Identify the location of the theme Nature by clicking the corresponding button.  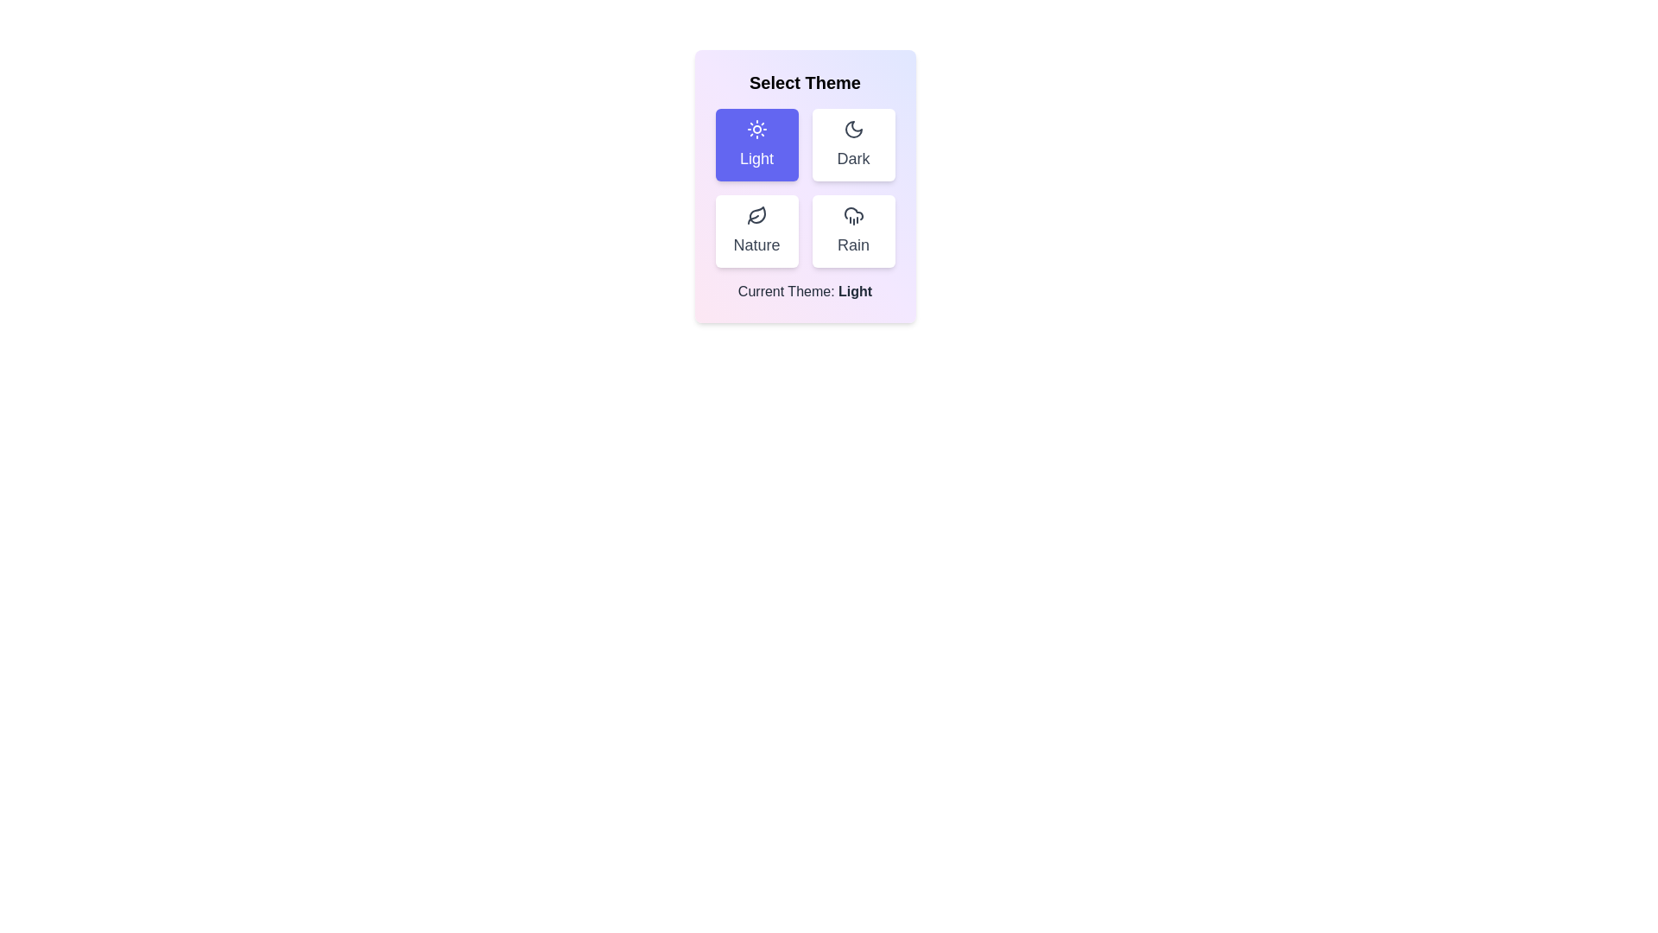
(756, 230).